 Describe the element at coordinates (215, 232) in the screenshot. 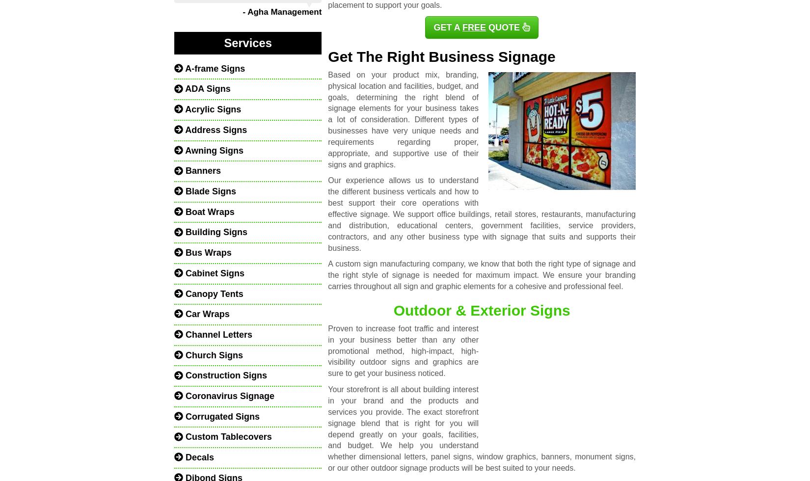

I see `'Building Signs'` at that location.